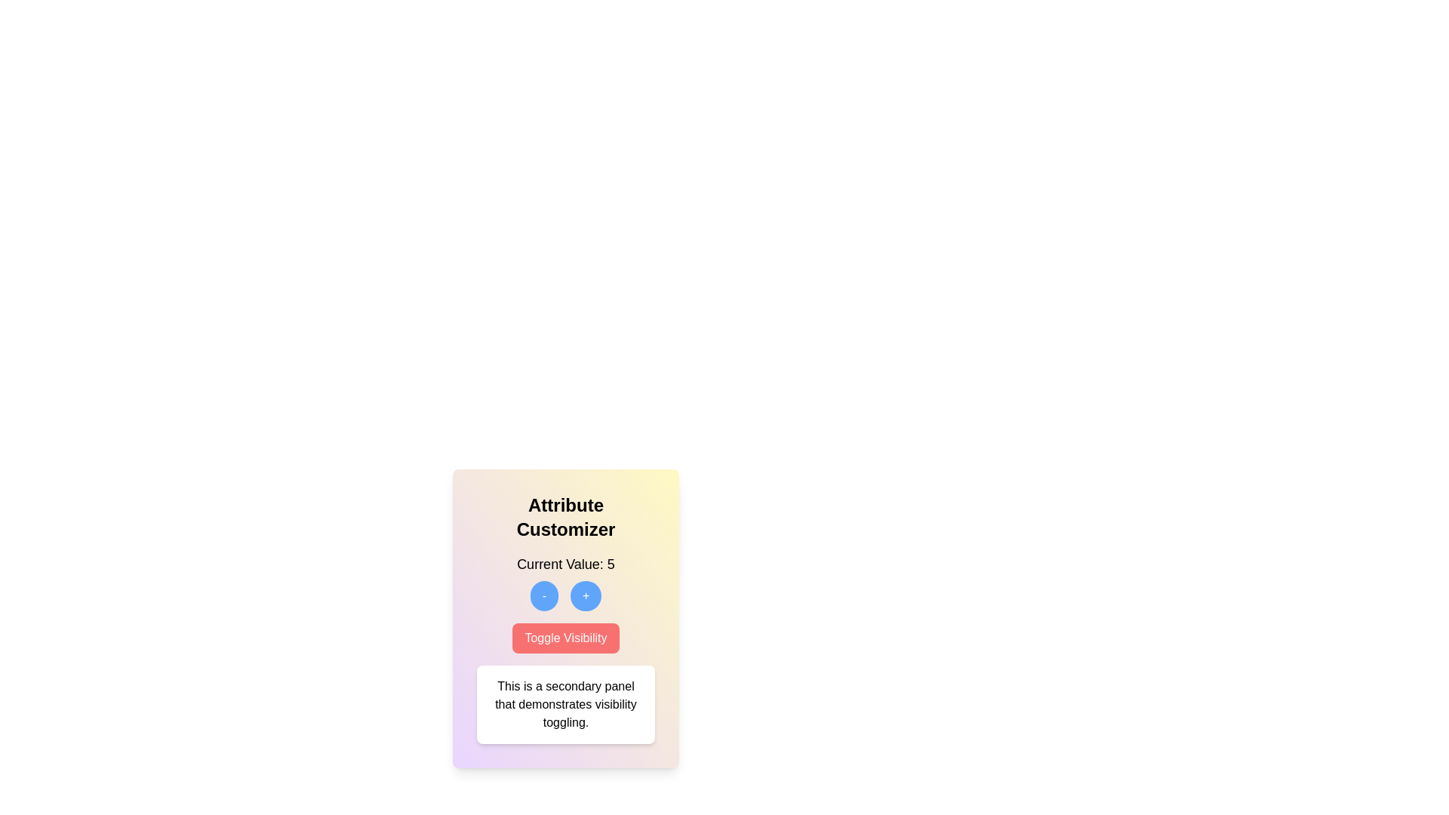  What do you see at coordinates (565, 619) in the screenshot?
I see `the displayed current value in the Interactive customization panel labeled 'Attribute Customizer', which features a gradient background and includes buttons for incrementing and decrementing` at bounding box center [565, 619].